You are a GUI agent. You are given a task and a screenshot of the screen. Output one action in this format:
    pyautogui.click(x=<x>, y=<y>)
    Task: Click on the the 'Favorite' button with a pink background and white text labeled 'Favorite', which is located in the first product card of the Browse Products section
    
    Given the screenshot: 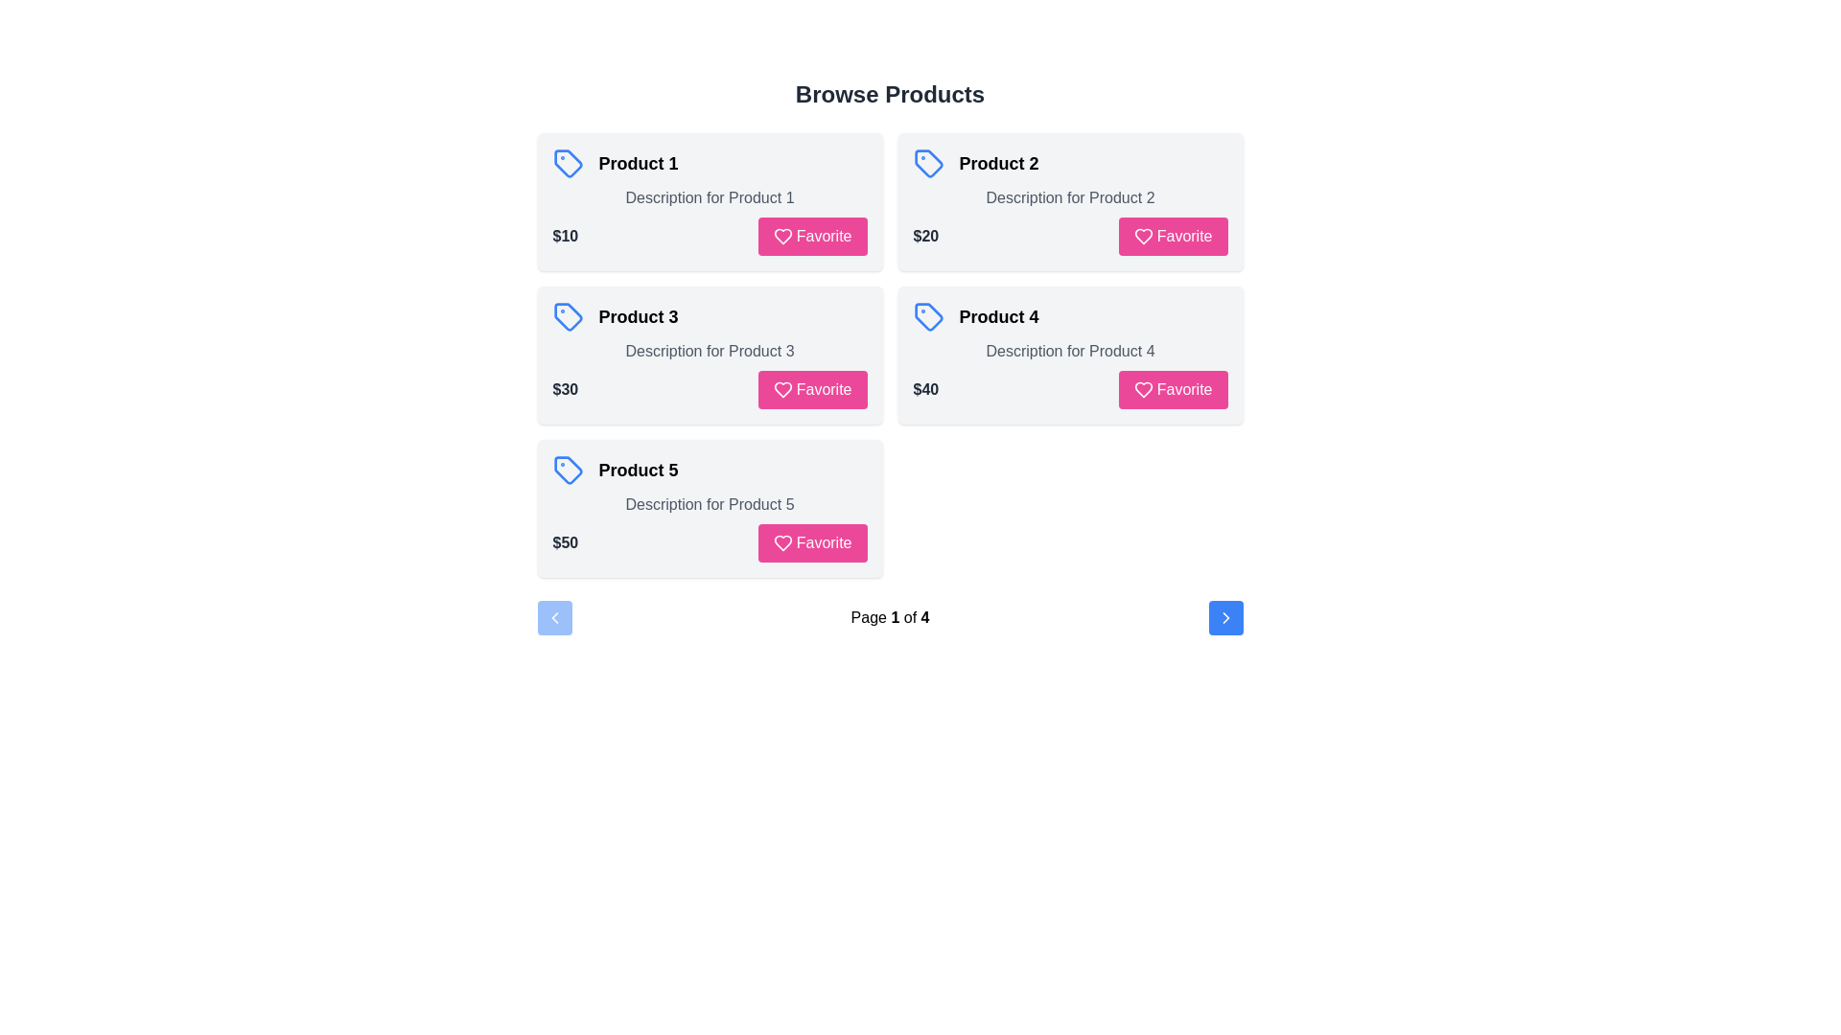 What is the action you would take?
    pyautogui.click(x=812, y=235)
    